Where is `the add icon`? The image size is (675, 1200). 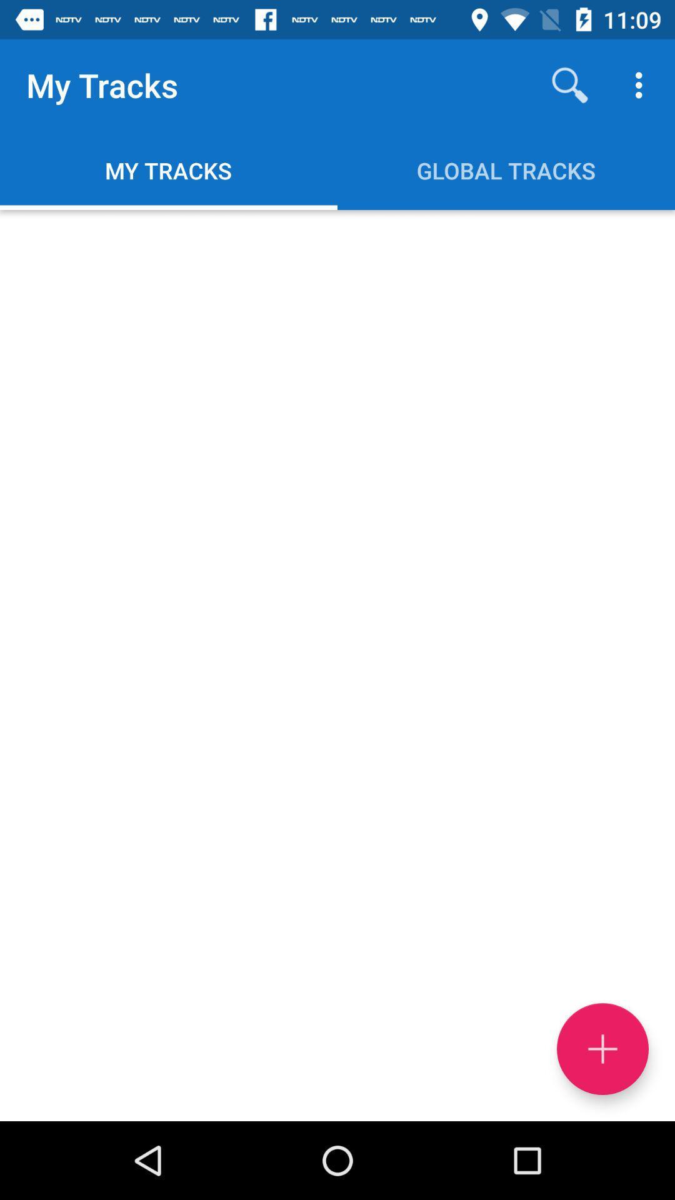 the add icon is located at coordinates (602, 1049).